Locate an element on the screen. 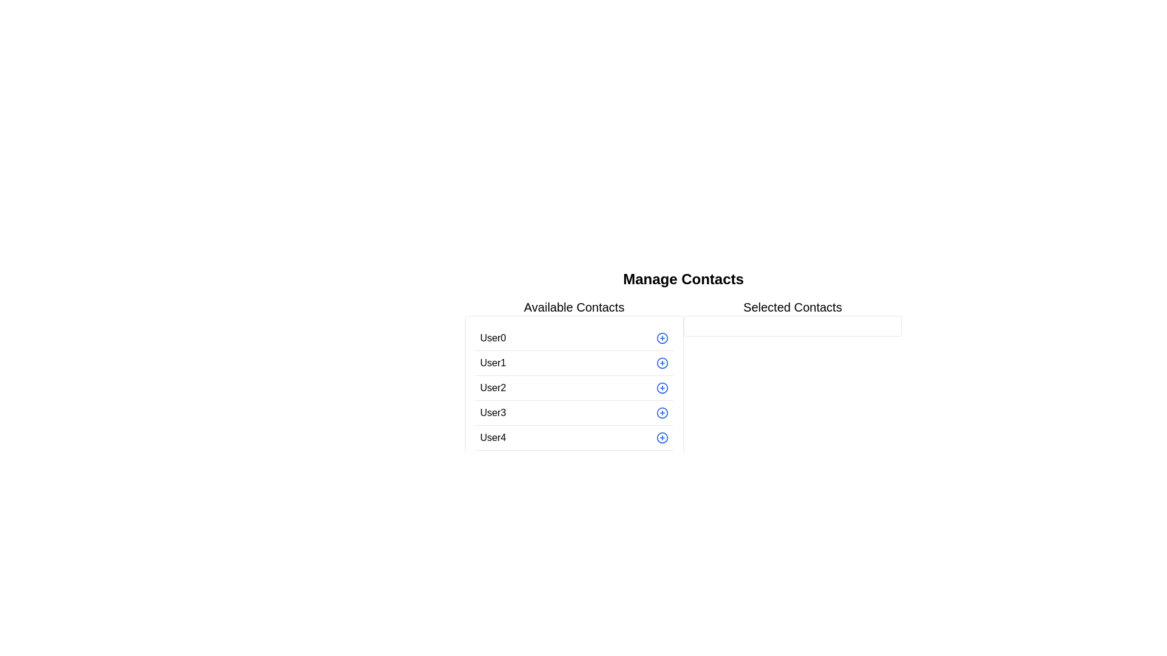 The width and height of the screenshot is (1167, 656). the button icon located to the right of 'User0' in the 'Available Contacts' section is located at coordinates (661, 338).